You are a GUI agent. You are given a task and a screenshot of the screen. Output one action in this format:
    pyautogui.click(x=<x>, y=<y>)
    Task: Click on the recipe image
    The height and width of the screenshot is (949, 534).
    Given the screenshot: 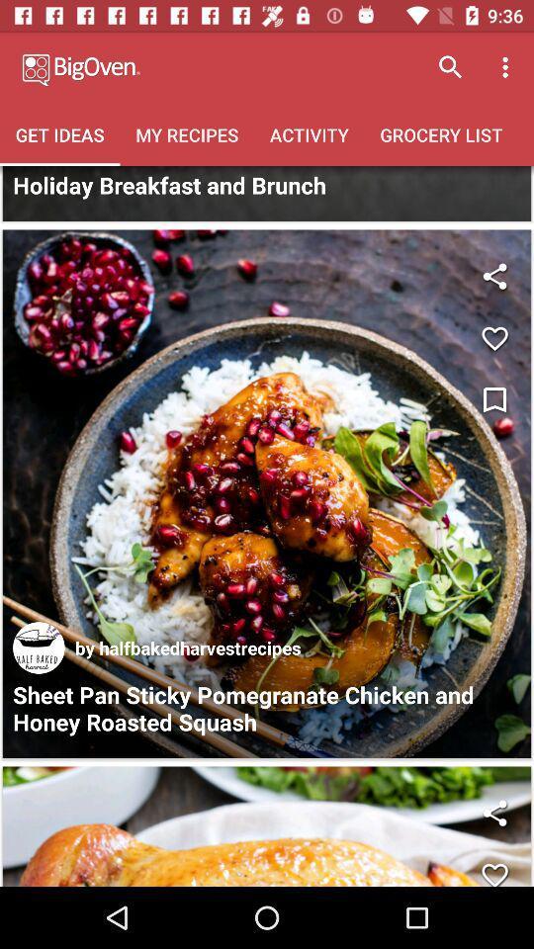 What is the action you would take?
    pyautogui.click(x=267, y=492)
    